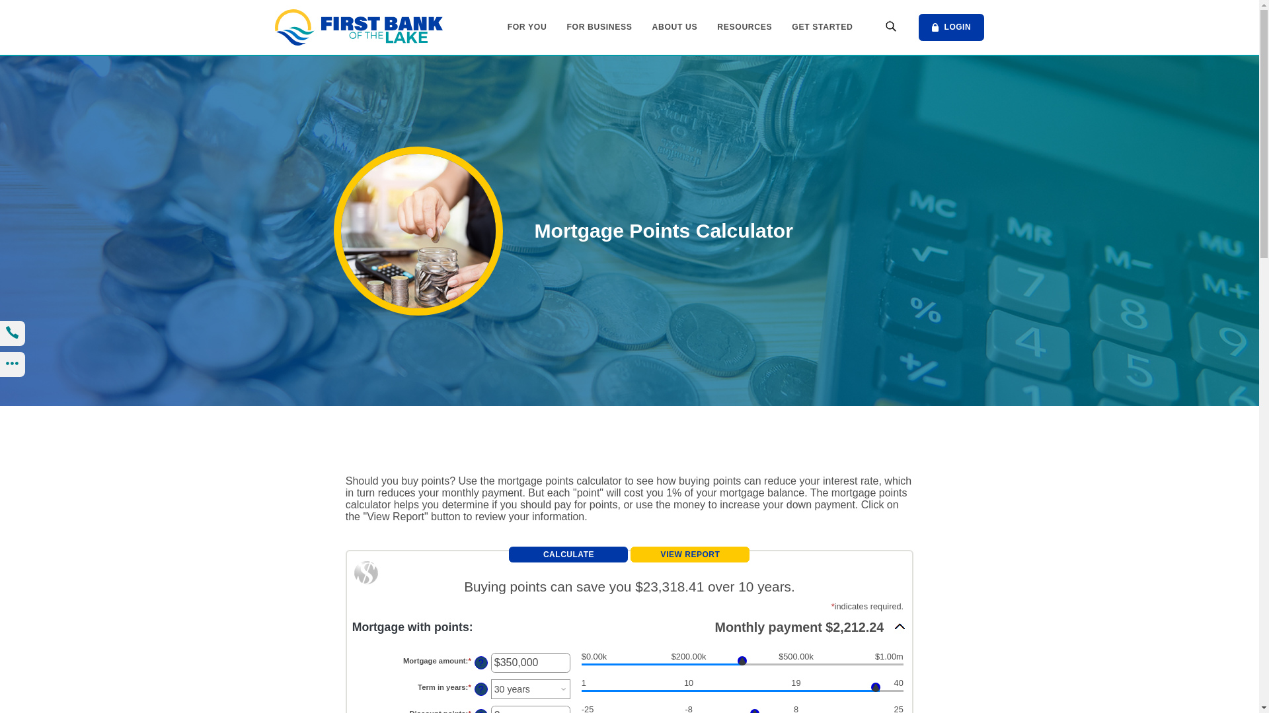  Describe the element at coordinates (481, 689) in the screenshot. I see `'?'` at that location.